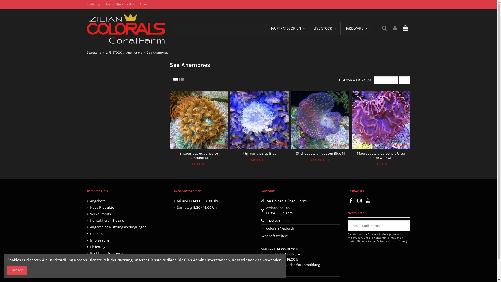 The width and height of the screenshot is (501, 282). I want to click on 'Impressum', so click(98, 240).